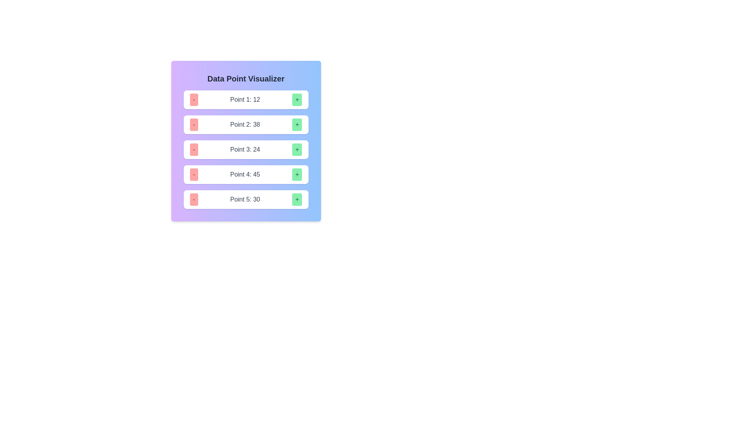  Describe the element at coordinates (194, 124) in the screenshot. I see `the button to the left of the label 'Point 2: 38' to observe a color change effect` at that location.